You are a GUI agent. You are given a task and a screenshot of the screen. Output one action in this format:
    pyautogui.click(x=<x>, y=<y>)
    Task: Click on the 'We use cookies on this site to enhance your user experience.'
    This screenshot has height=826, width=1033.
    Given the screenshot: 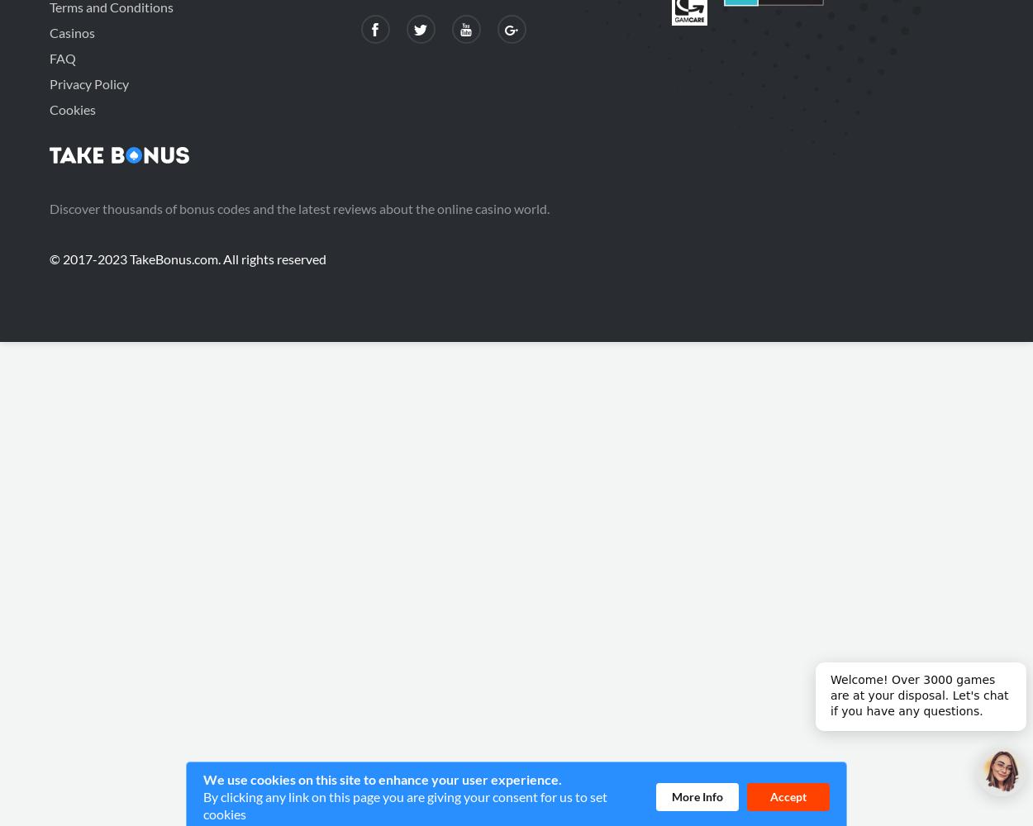 What is the action you would take?
    pyautogui.click(x=382, y=778)
    